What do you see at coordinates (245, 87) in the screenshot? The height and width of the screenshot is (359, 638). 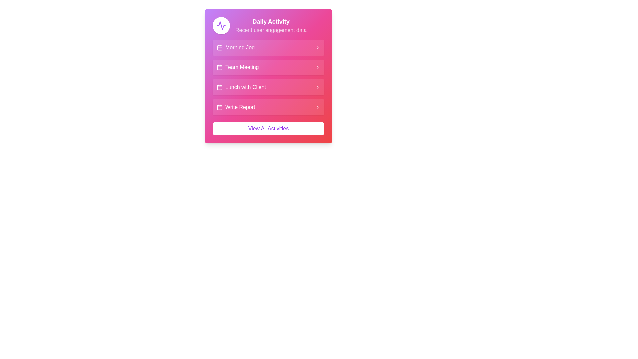 I see `the third text label in the 'Daily Activity' sidebar, which describes the scheduled activity, positioned between 'Team Meeting' and 'Write Report'` at bounding box center [245, 87].